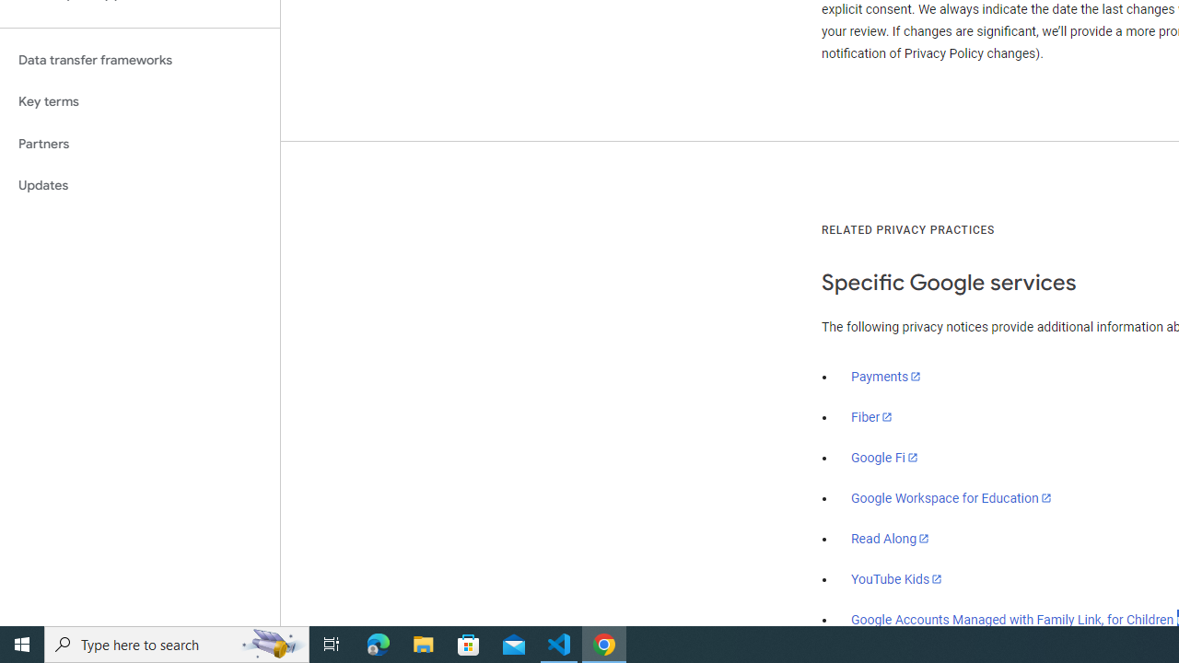  I want to click on 'Fiber', so click(871, 417).